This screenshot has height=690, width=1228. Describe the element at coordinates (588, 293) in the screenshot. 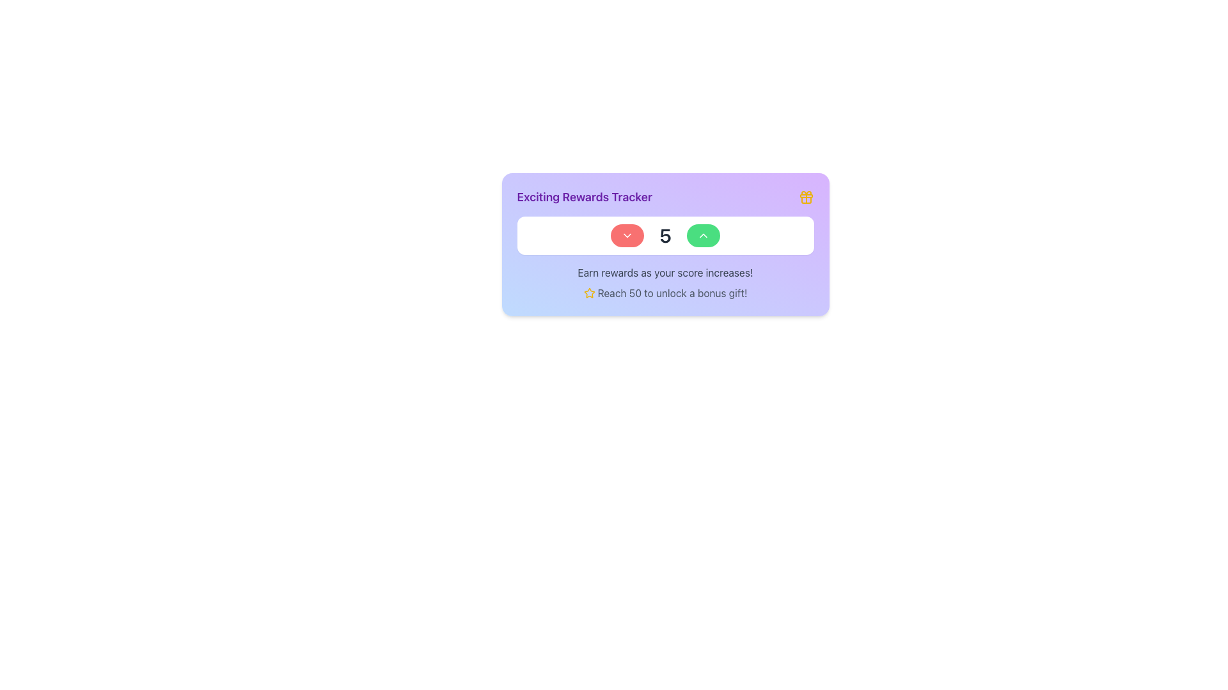

I see `the star-shaped yellow icon located in the top-right corner of the purple header section of the rewards tracker widget` at that location.